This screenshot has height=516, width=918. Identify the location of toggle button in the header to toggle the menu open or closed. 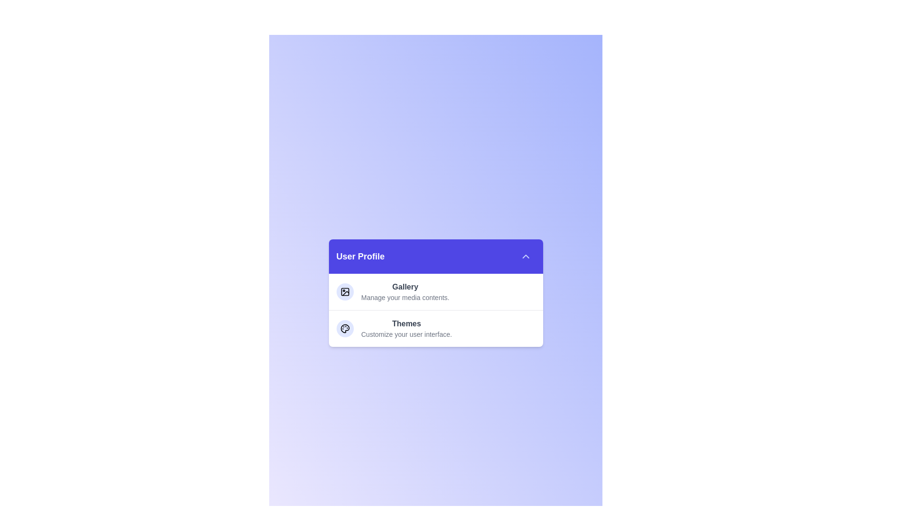
(525, 256).